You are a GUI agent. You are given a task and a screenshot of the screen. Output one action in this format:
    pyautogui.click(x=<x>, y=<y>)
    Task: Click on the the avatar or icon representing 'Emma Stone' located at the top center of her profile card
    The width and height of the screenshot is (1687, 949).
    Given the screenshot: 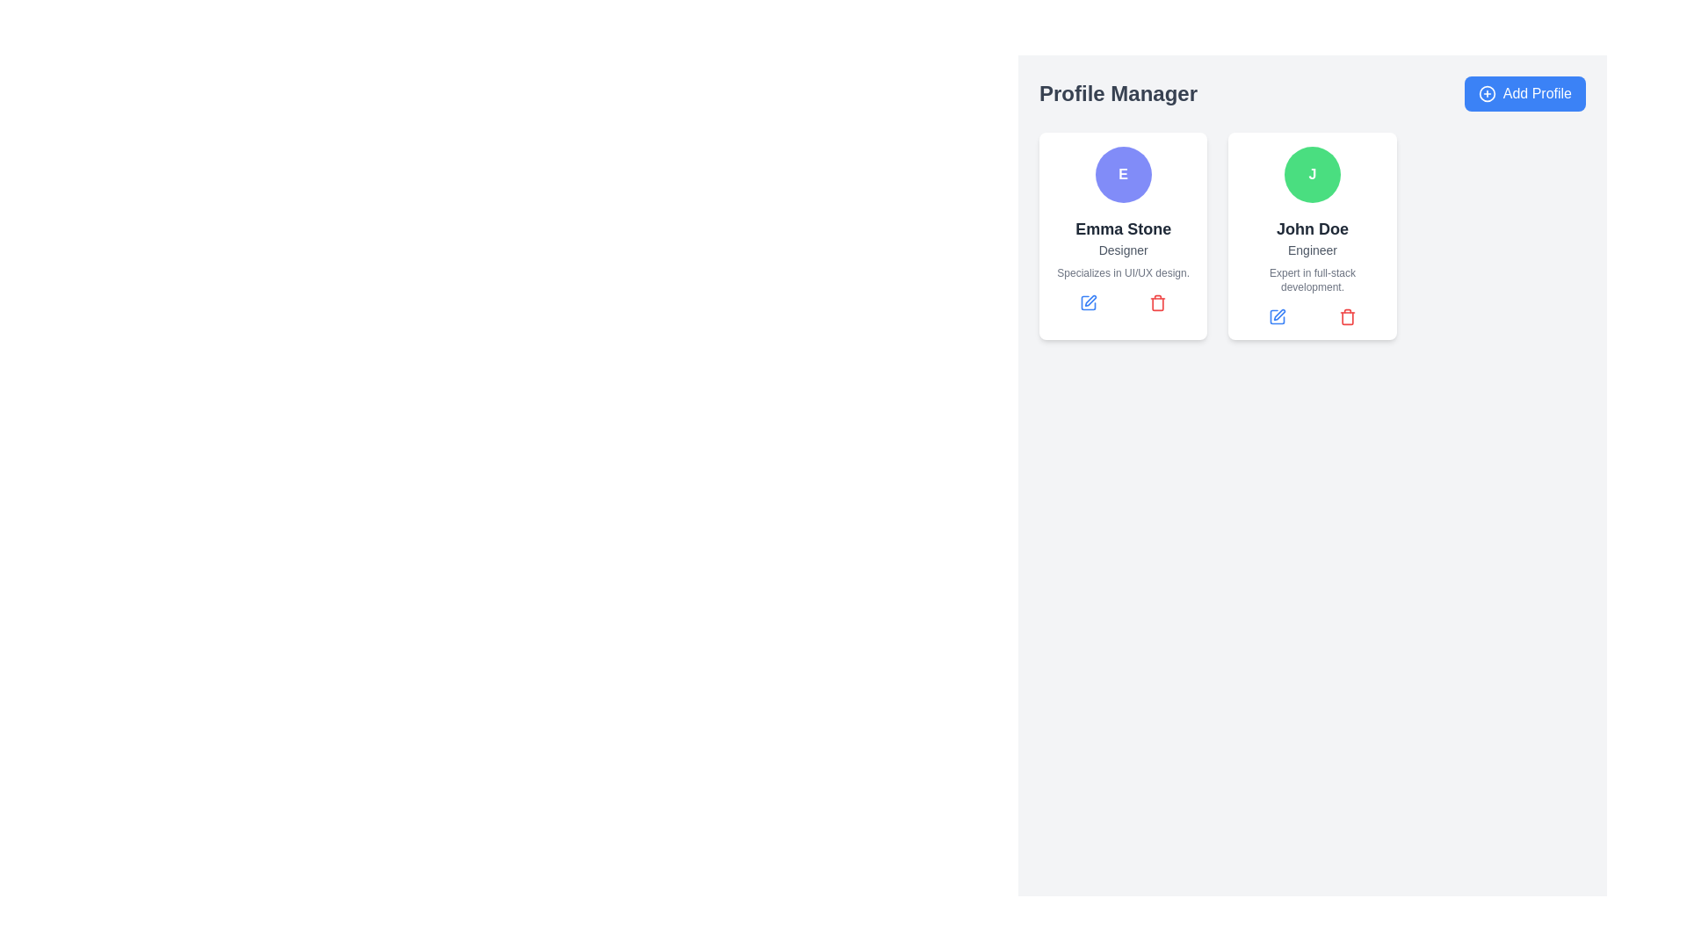 What is the action you would take?
    pyautogui.click(x=1122, y=175)
    